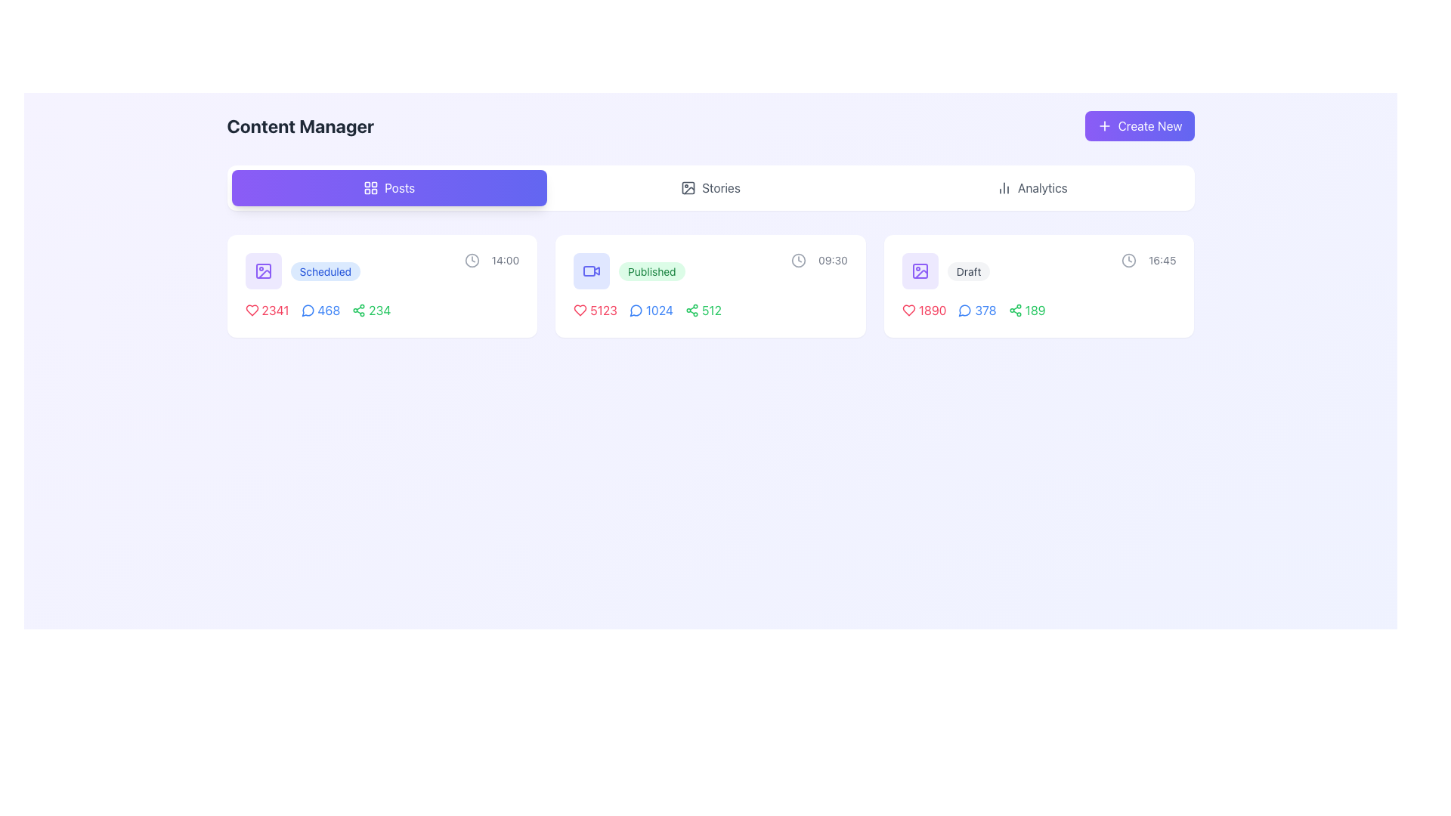 The image size is (1451, 816). I want to click on the image content icon located in the top-left corner of the 'Scheduled' card, which is set against a circular purple background, so click(263, 270).